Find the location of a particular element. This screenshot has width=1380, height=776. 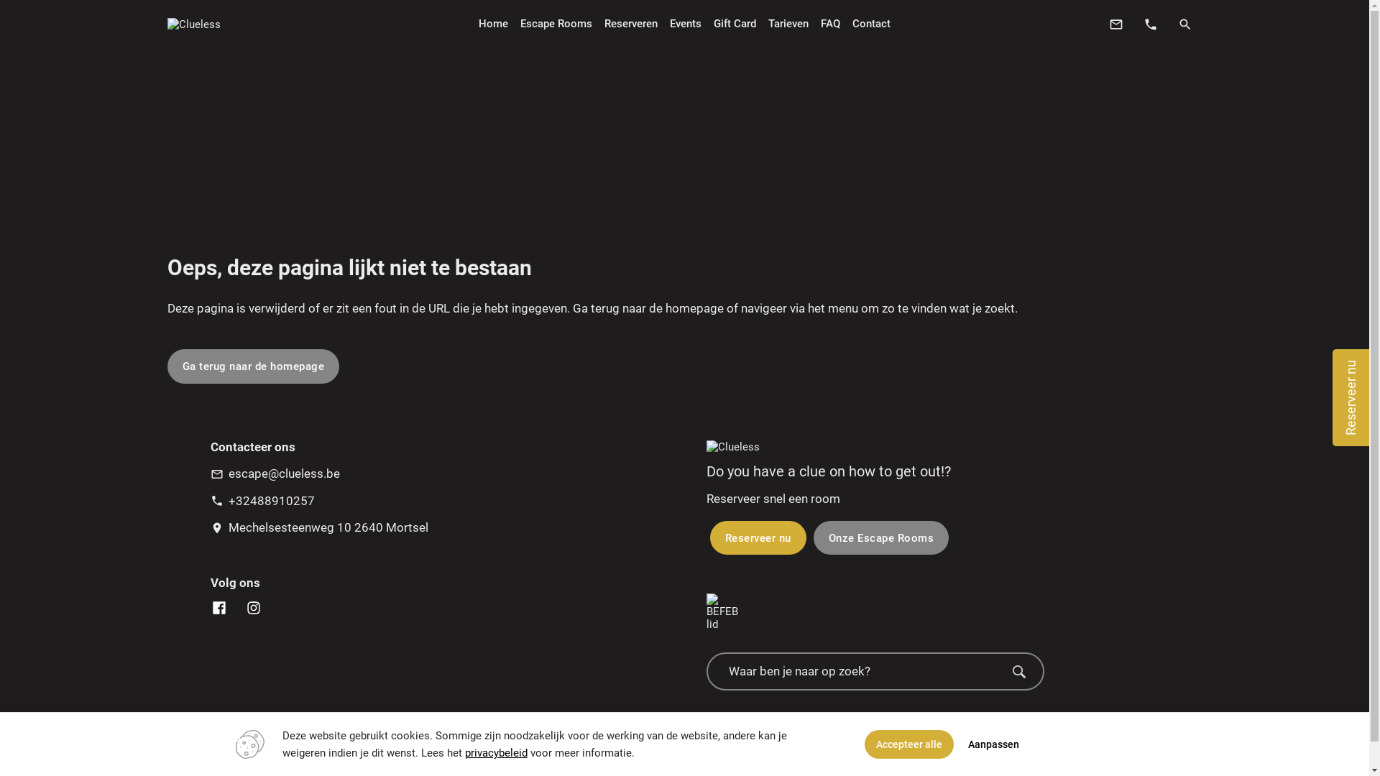

'Clueless Instagram' is located at coordinates (235, 607).